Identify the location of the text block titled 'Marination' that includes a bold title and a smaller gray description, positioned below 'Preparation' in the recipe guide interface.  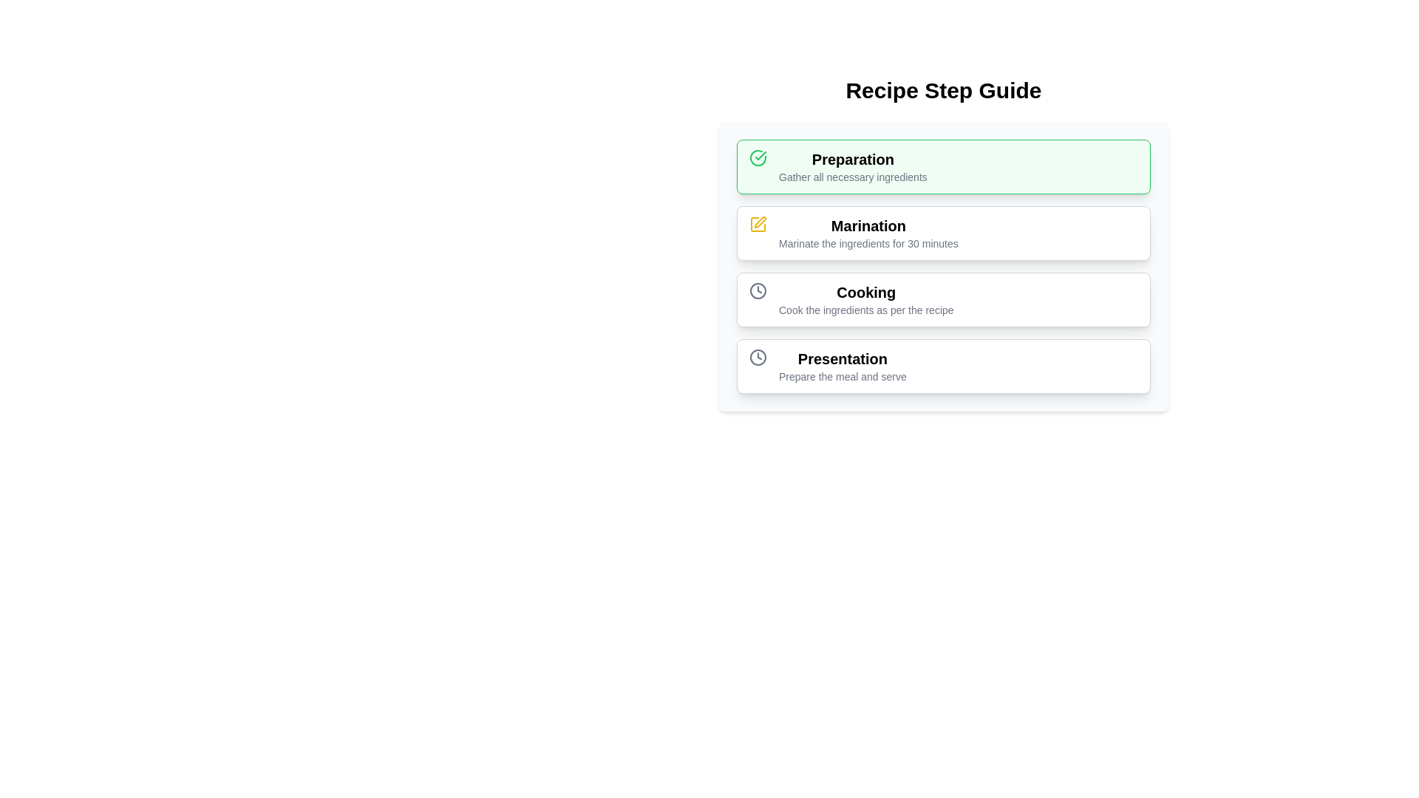
(868, 233).